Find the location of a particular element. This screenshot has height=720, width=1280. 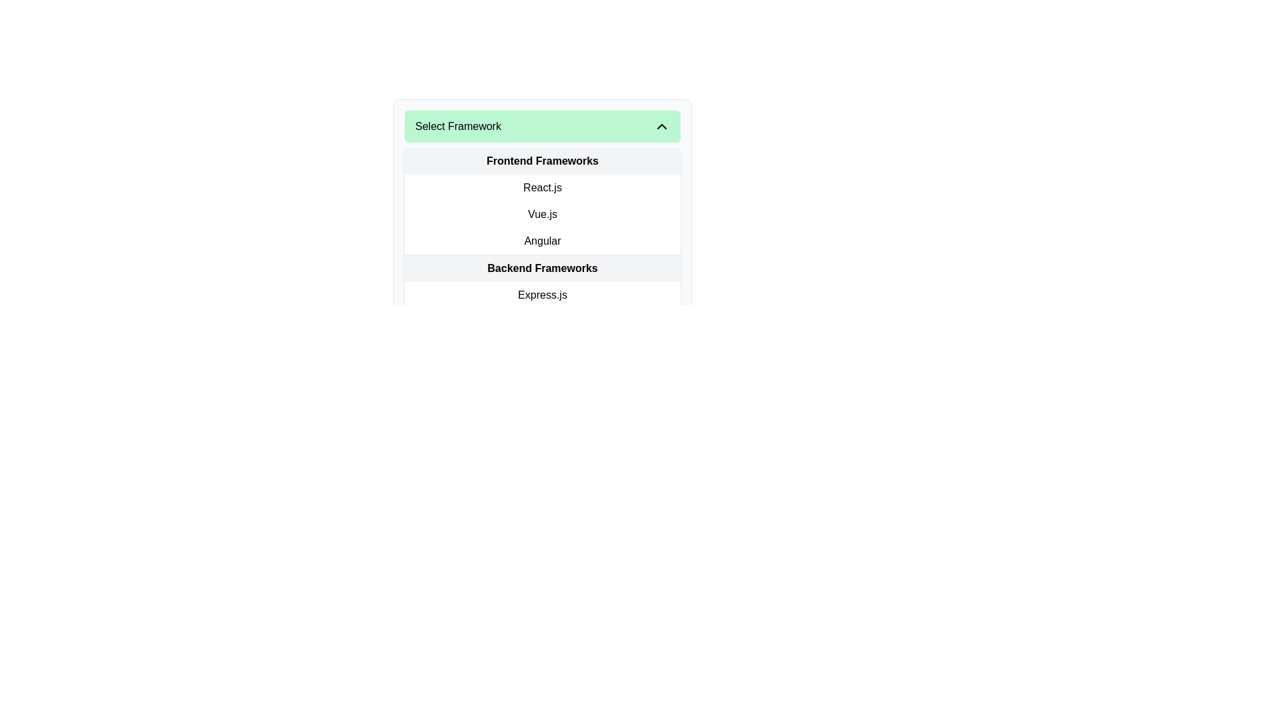

the dropdown menu option labeled 'React.js', 'Vue.js', or 'Angular' is located at coordinates (543, 235).